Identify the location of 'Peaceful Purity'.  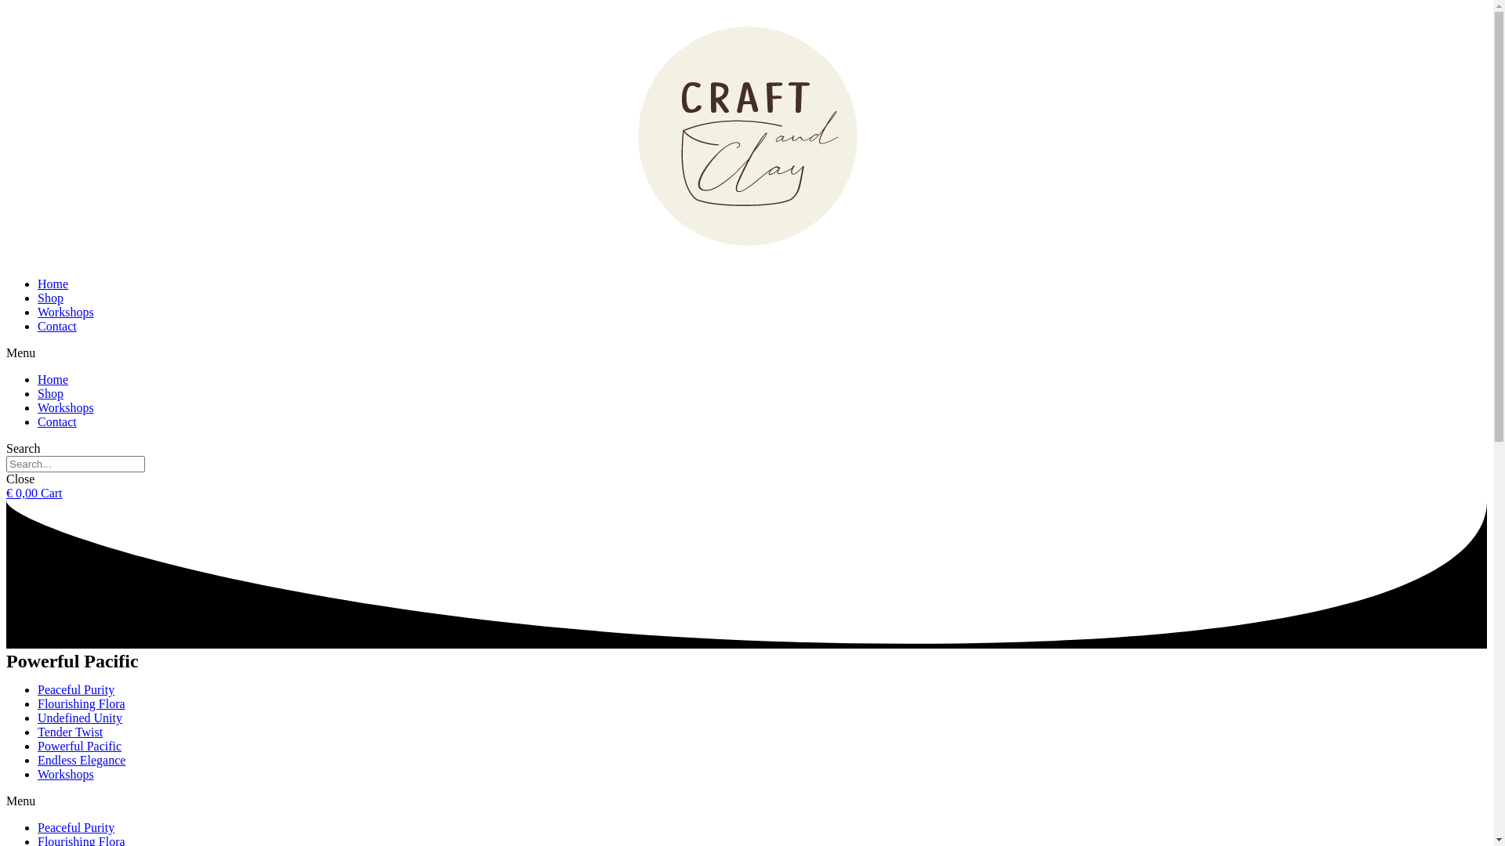
(74, 826).